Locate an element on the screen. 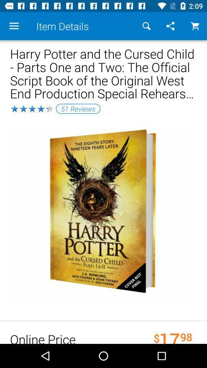  item above the harry potter and is located at coordinates (195, 26).